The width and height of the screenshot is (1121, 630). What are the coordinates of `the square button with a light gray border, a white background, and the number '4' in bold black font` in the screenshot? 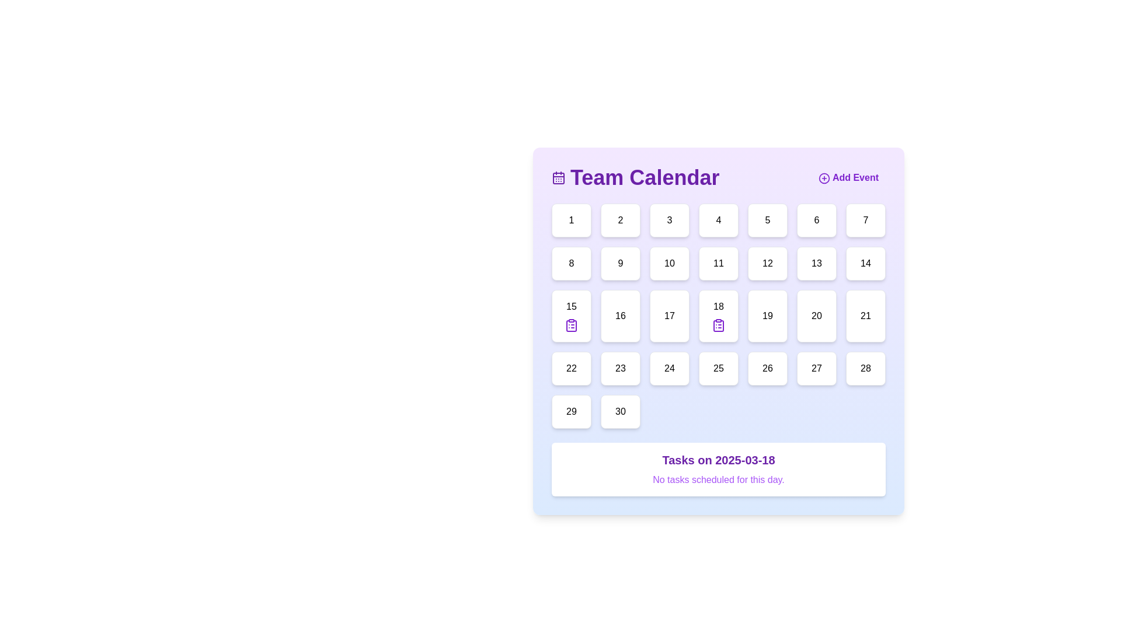 It's located at (718, 220).